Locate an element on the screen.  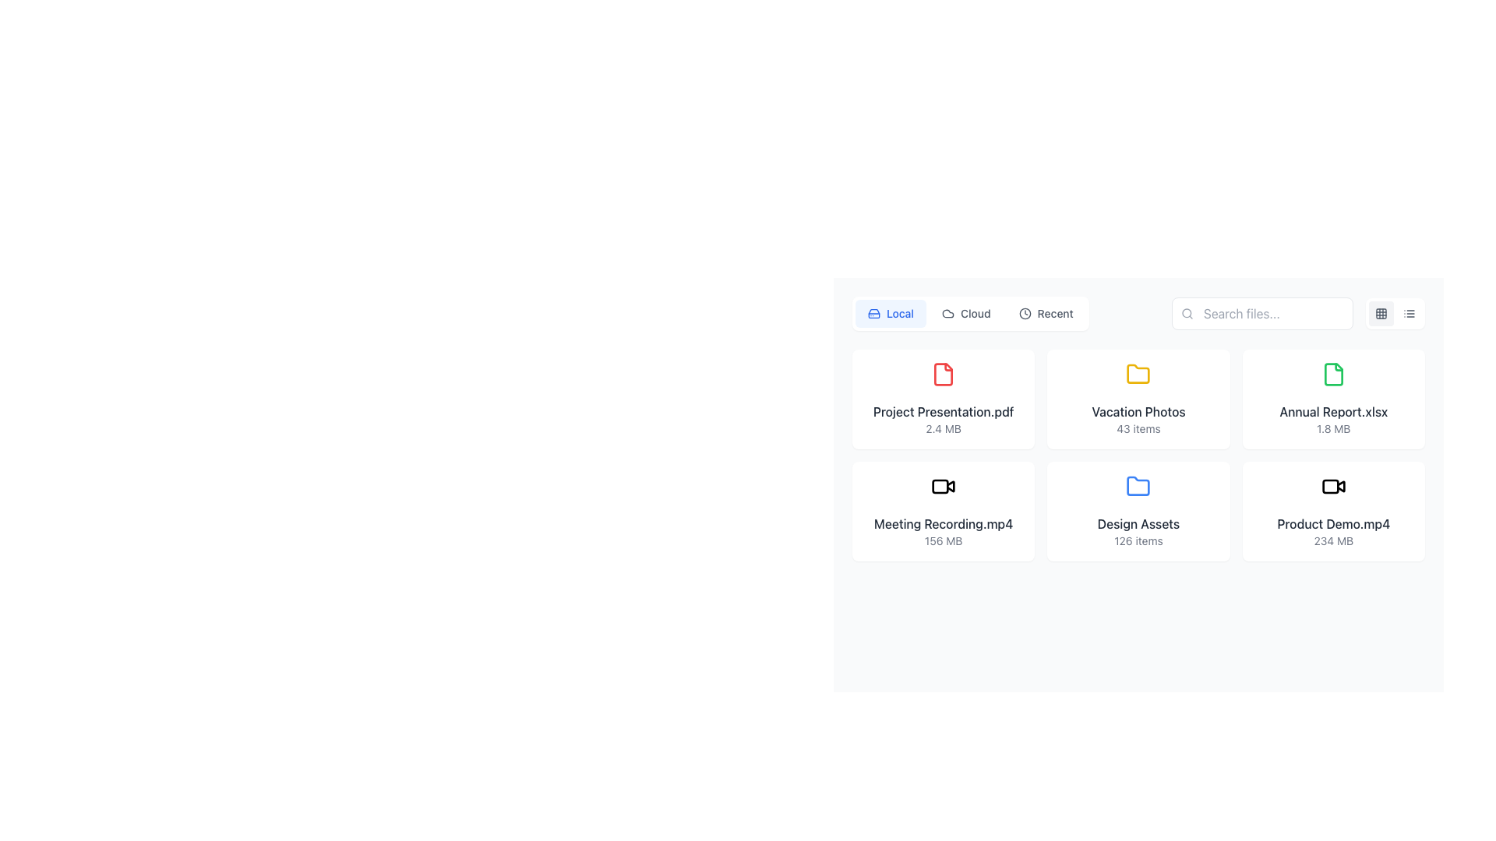
the text label indicating the file size of 'Project Presentation.pdf' located in the first card of the upper-left section of the grid layout is located at coordinates (943, 429).